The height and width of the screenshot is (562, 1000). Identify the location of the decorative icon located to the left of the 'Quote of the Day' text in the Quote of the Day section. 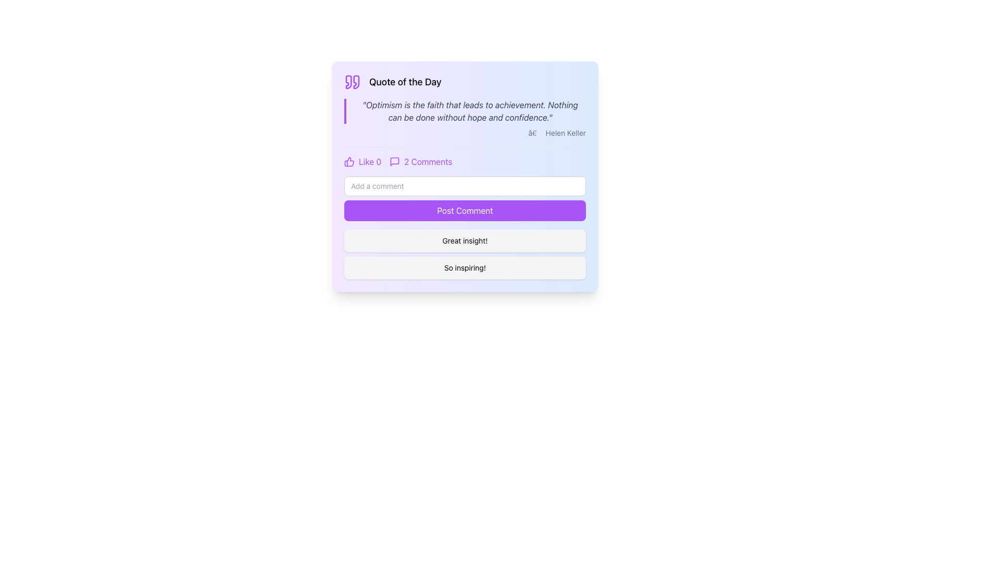
(352, 82).